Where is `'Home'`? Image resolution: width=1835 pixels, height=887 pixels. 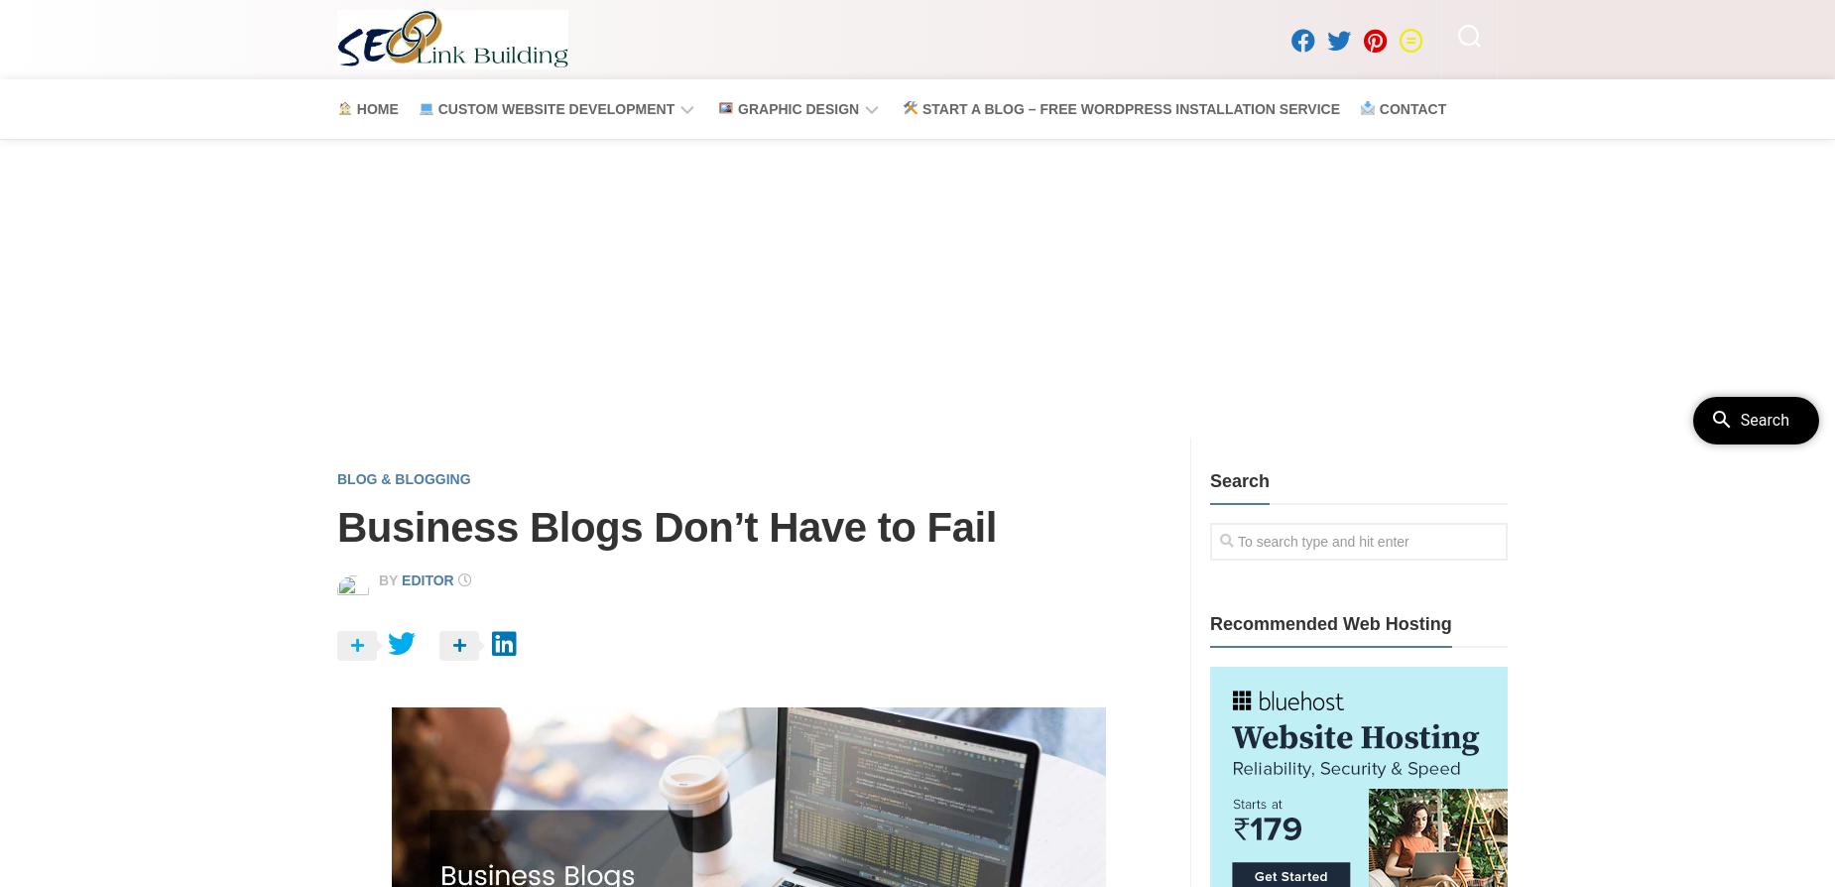 'Home' is located at coordinates (373, 107).